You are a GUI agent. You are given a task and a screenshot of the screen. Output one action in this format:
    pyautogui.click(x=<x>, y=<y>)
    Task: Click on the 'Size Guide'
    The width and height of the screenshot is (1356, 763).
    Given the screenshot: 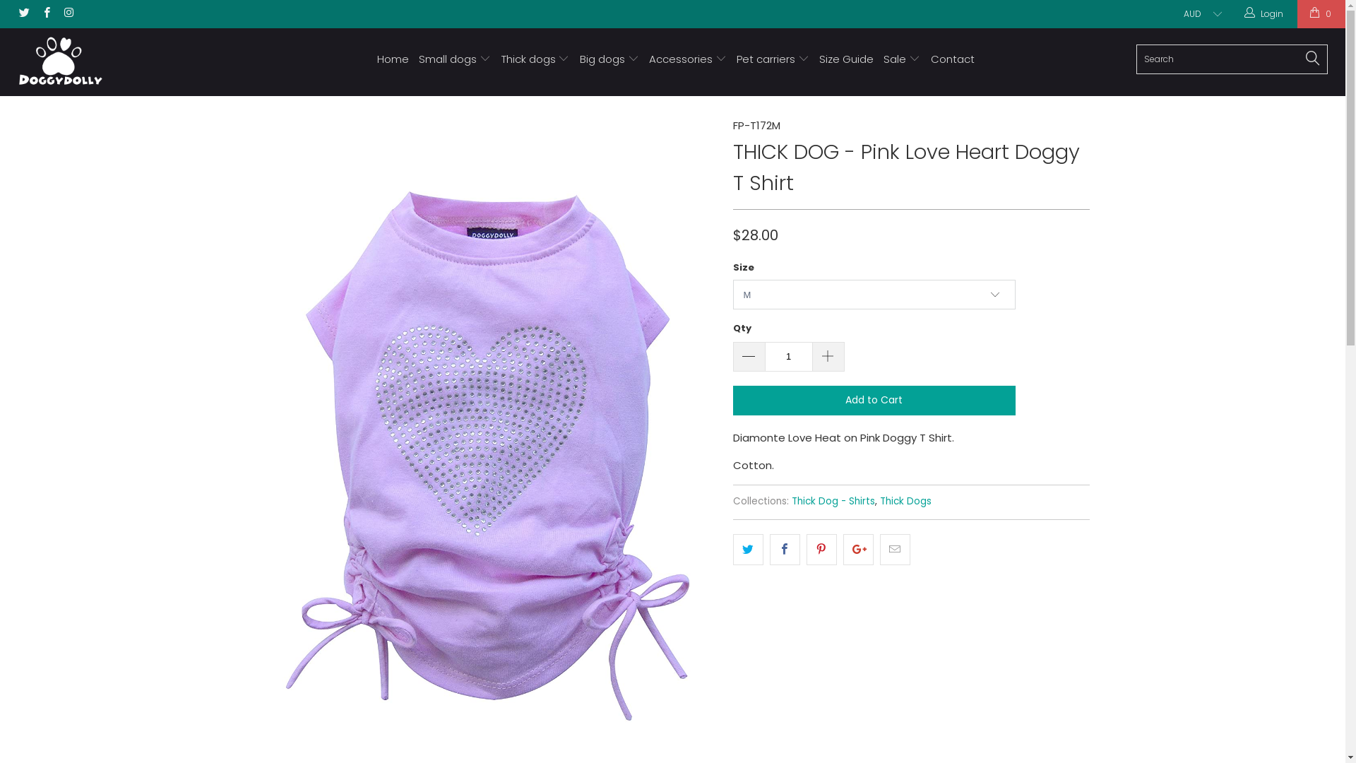 What is the action you would take?
    pyautogui.click(x=846, y=59)
    